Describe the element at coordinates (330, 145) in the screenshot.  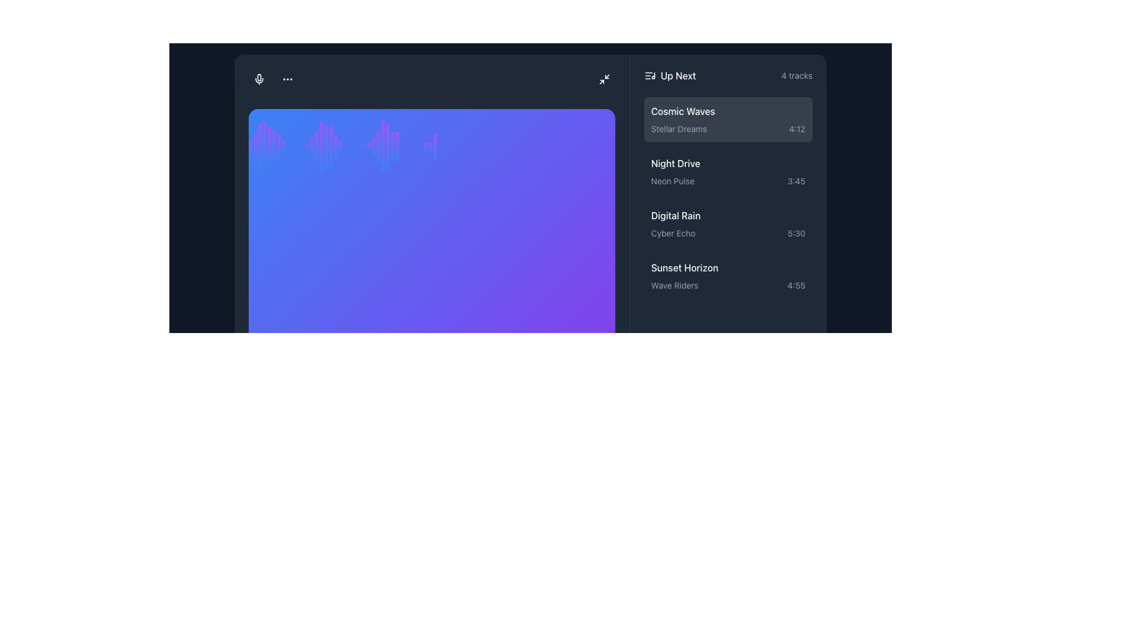
I see `the 18th vertical bar in the sequence, which has a smooth blue to purple gradient and is semi-transparent` at that location.